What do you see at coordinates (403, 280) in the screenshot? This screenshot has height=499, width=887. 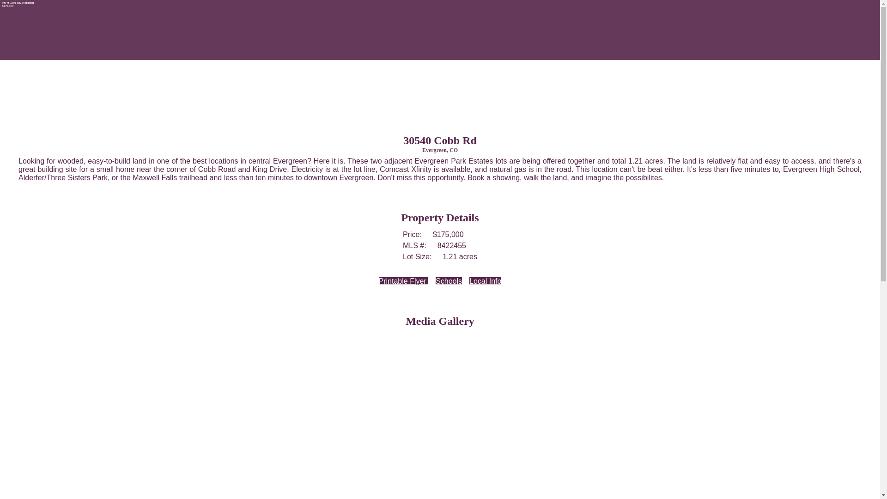 I see `'Printable Flyer'` at bounding box center [403, 280].